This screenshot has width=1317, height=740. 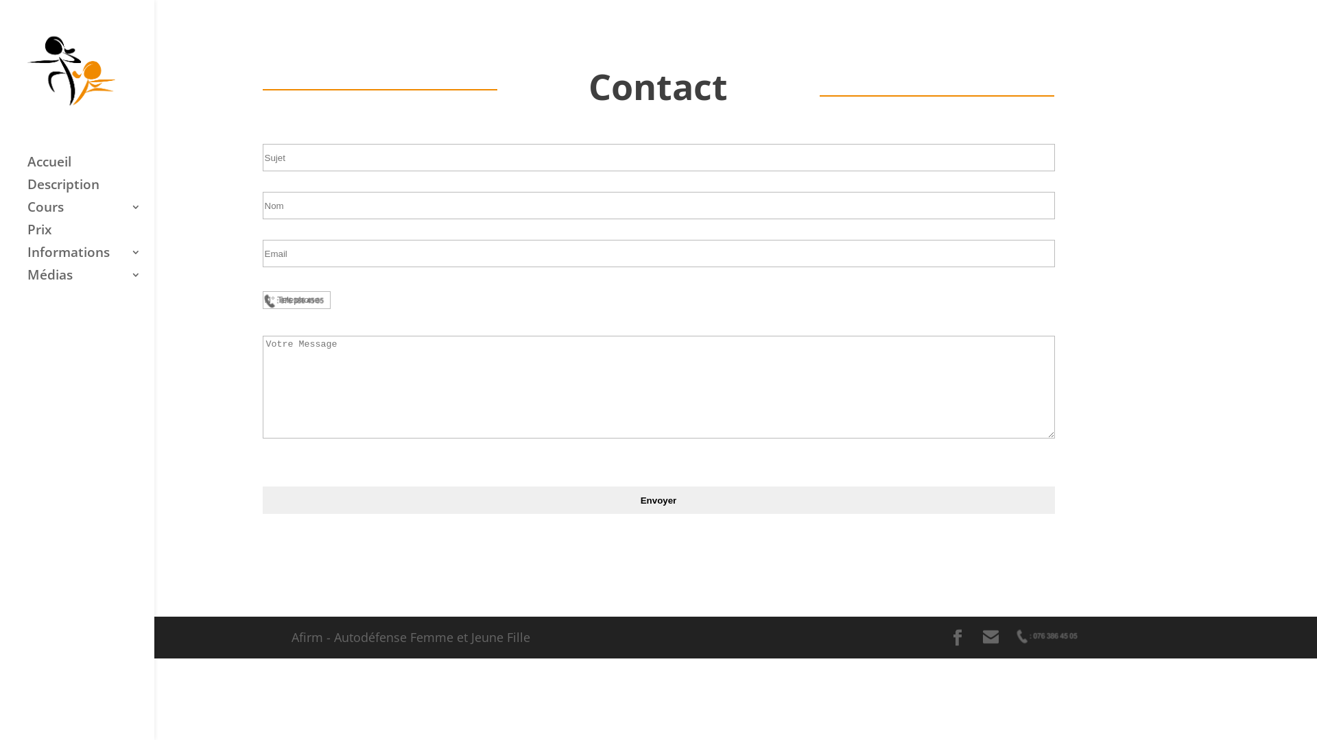 What do you see at coordinates (90, 190) in the screenshot?
I see `'Description'` at bounding box center [90, 190].